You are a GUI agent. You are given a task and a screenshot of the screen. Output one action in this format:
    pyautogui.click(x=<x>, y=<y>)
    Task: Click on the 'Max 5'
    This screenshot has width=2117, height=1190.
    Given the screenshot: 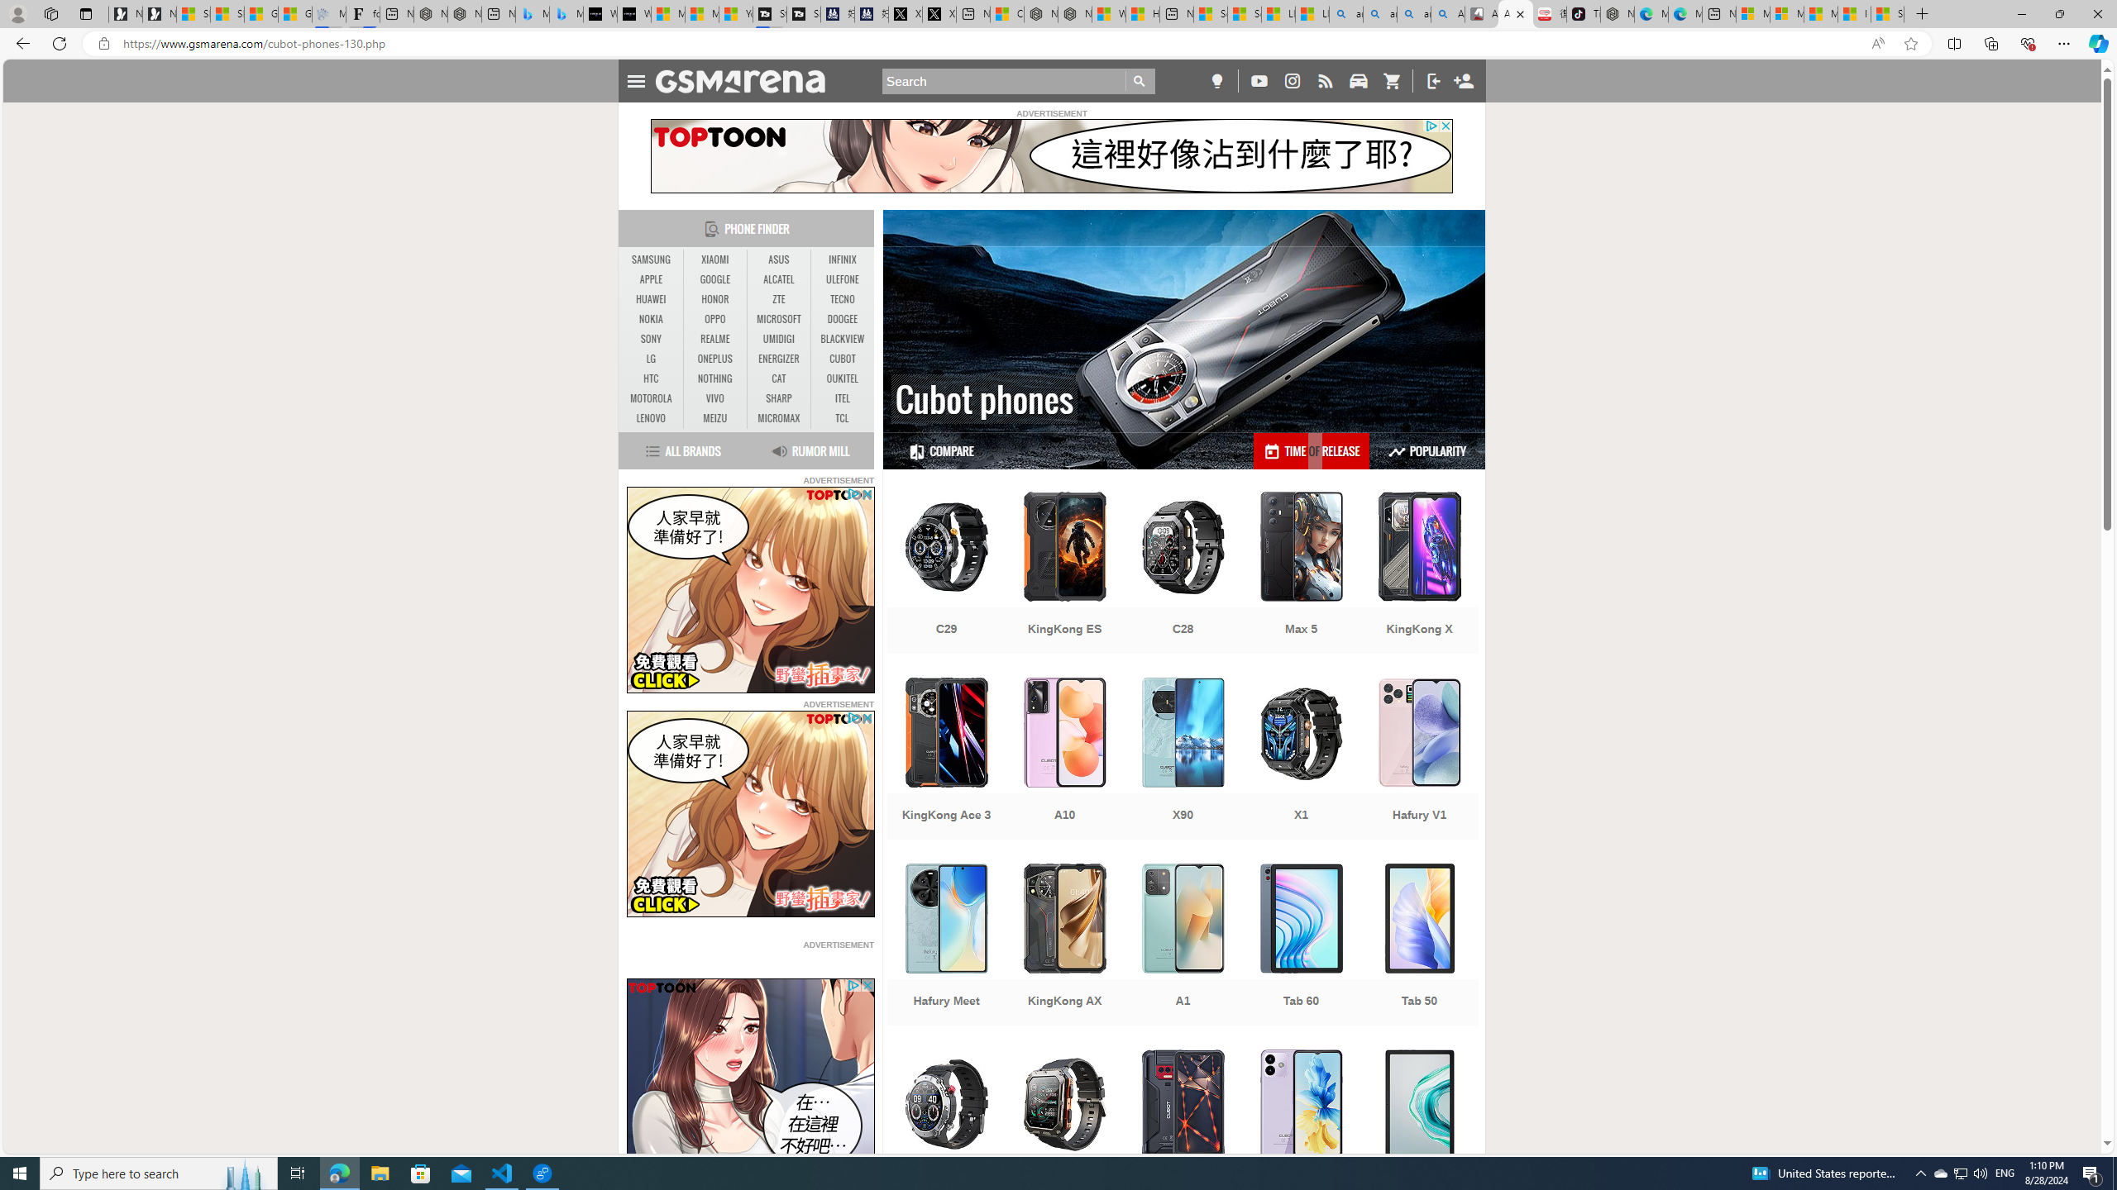 What is the action you would take?
    pyautogui.click(x=1301, y=574)
    